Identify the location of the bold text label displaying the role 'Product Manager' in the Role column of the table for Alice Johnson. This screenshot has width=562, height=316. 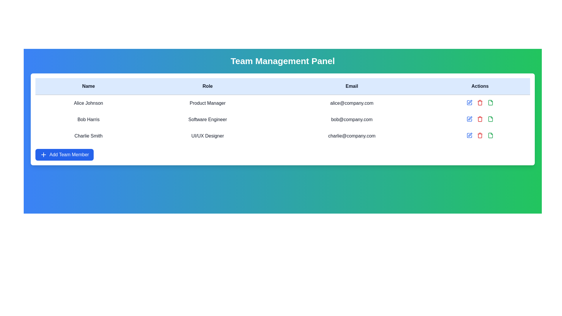
(208, 103).